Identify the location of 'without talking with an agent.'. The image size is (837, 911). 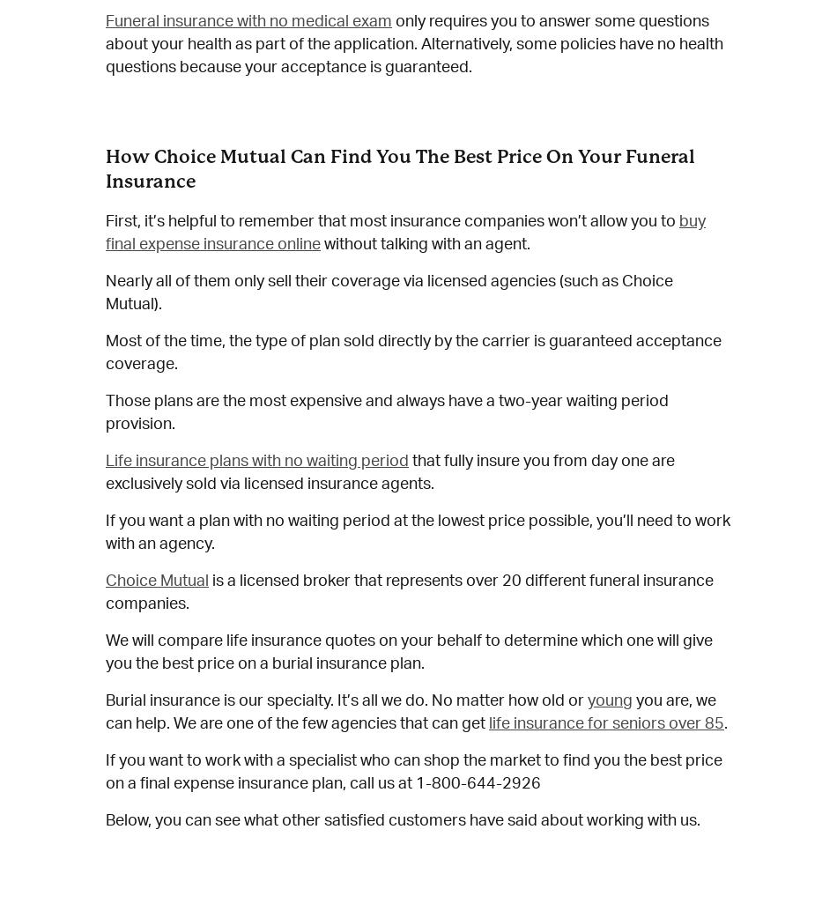
(425, 244).